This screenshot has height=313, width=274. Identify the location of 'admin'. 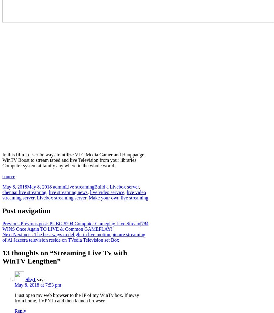
(58, 186).